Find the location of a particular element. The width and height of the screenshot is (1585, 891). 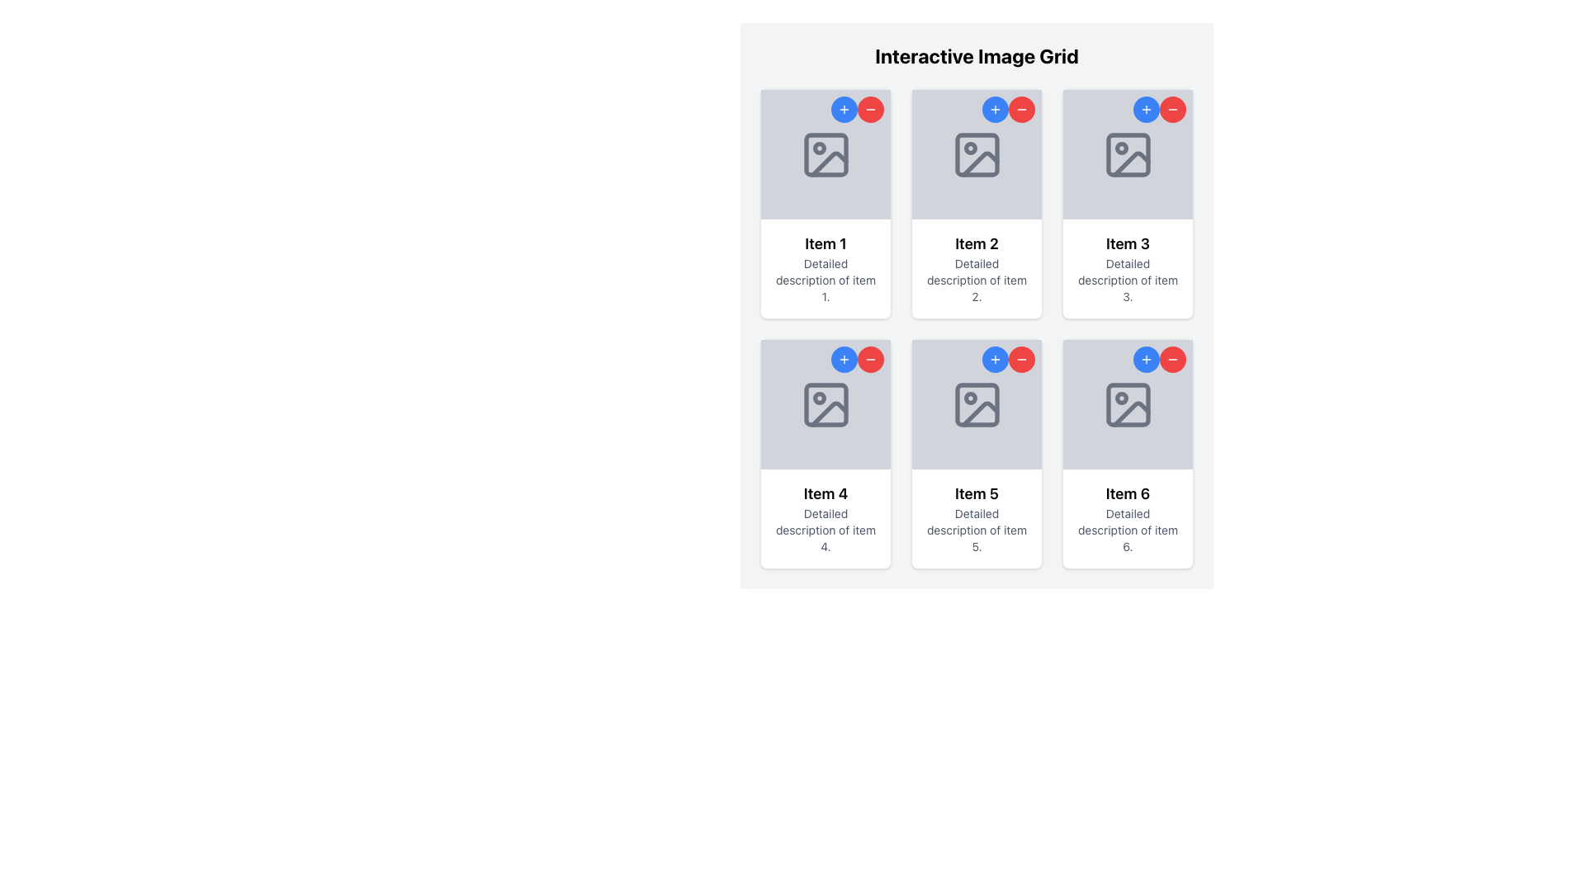

the circular red button with a white minus sign icon, located at the top-right corner of the first item in the grid layout, to decrement is located at coordinates (870, 109).